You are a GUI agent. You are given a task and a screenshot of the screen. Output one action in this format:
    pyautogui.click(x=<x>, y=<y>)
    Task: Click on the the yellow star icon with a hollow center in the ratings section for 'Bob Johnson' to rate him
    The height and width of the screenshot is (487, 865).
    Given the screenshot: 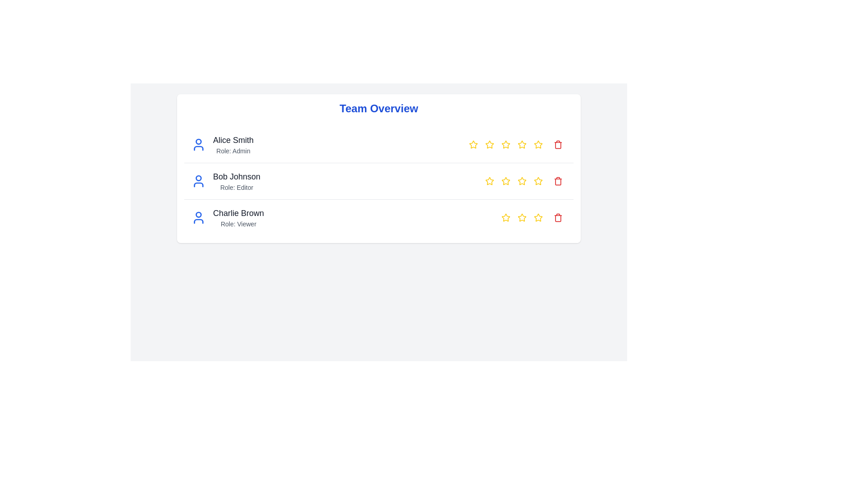 What is the action you would take?
    pyautogui.click(x=489, y=181)
    